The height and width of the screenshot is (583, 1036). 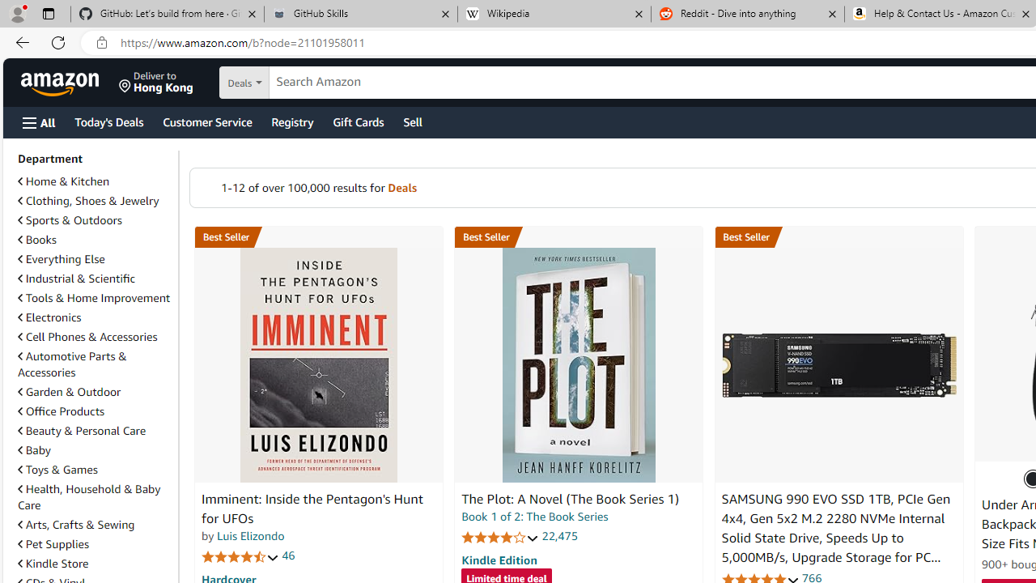 What do you see at coordinates (156, 82) in the screenshot?
I see `'Deliver to Hong Kong'` at bounding box center [156, 82].